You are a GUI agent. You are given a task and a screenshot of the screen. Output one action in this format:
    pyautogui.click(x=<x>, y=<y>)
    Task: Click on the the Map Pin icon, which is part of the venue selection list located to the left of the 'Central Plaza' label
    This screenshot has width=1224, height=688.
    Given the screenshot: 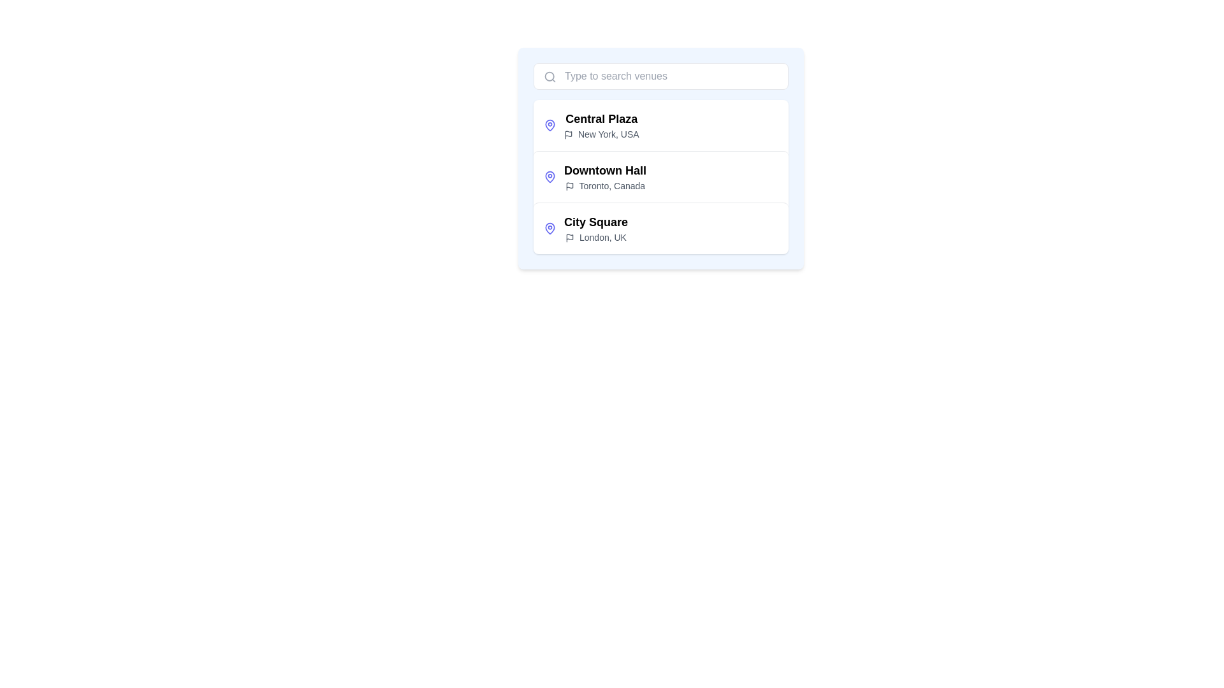 What is the action you would take?
    pyautogui.click(x=550, y=125)
    